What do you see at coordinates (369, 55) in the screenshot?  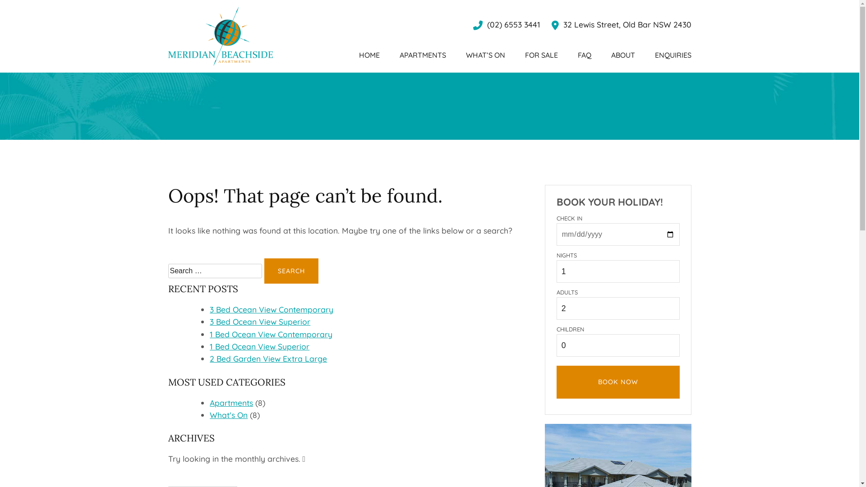 I see `'HOME'` at bounding box center [369, 55].